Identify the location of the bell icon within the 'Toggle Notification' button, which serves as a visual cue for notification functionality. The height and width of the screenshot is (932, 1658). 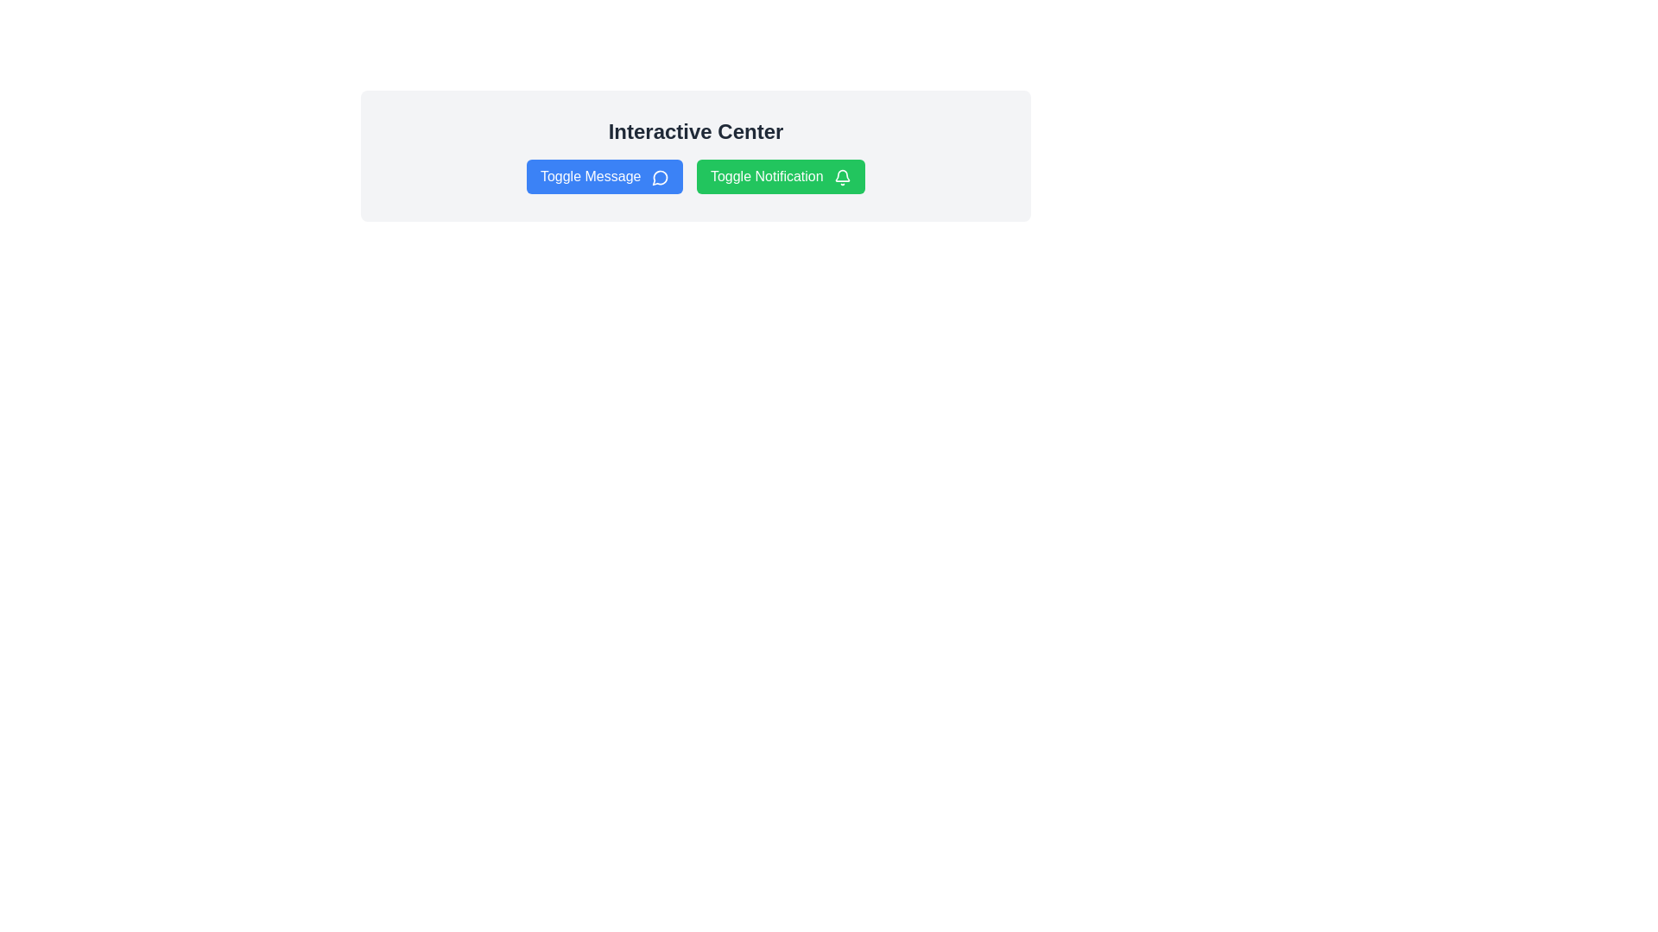
(843, 177).